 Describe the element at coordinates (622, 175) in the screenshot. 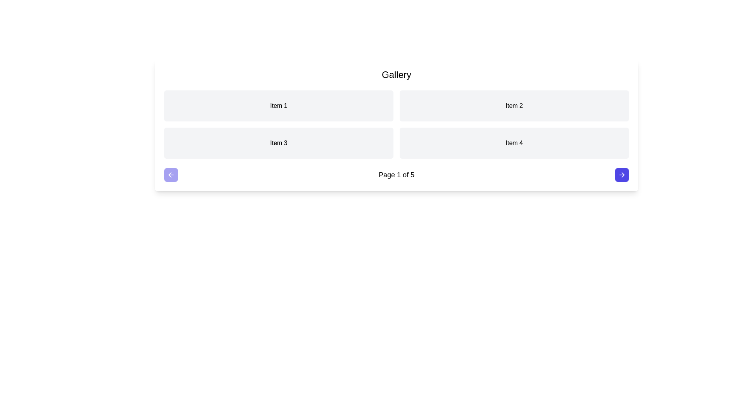

I see `the rightmost pagination button, which is a vibrant indigo rectangular button with a white right arrow symbol, to go to the next page` at that location.